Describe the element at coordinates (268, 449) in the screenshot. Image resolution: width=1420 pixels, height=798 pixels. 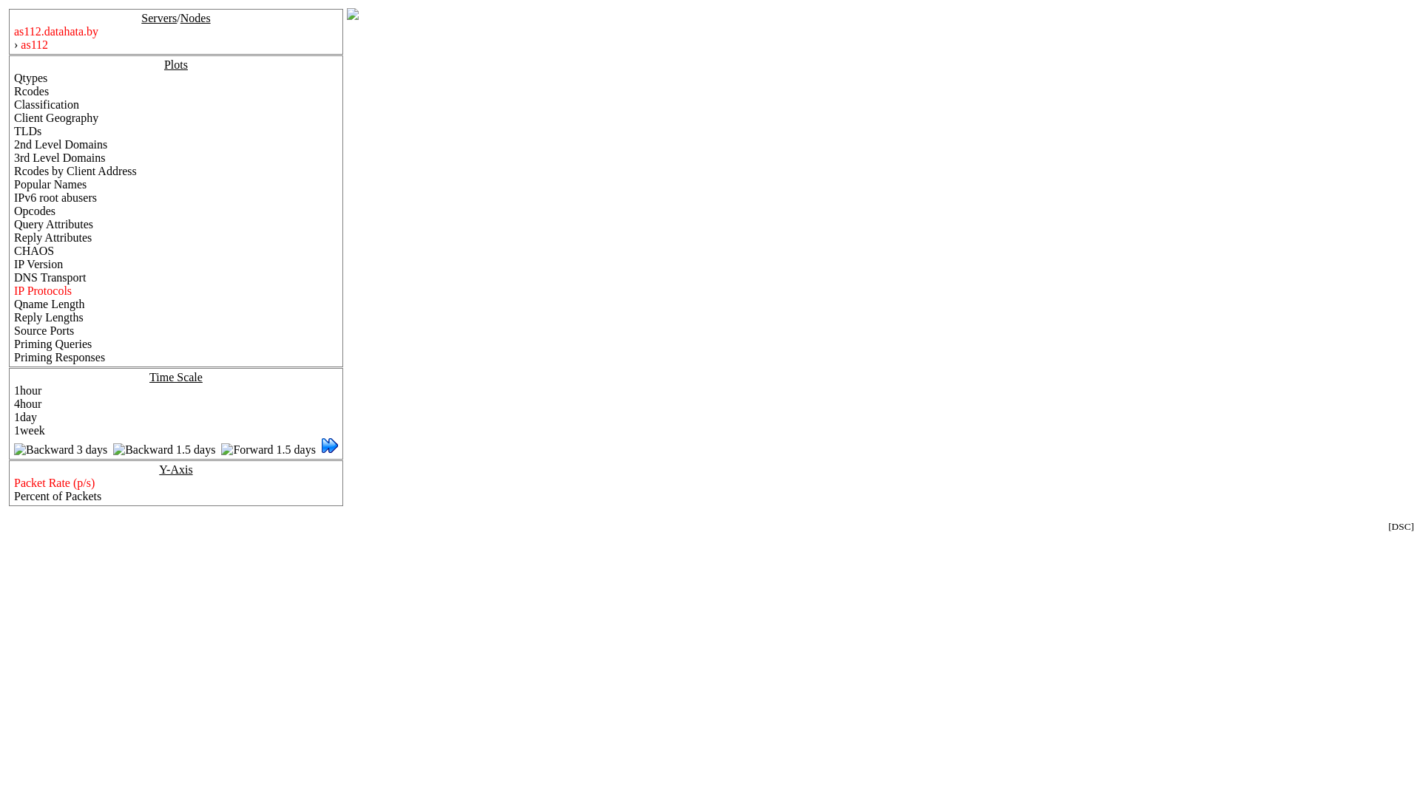
I see `'Forward 1.5 days'` at that location.